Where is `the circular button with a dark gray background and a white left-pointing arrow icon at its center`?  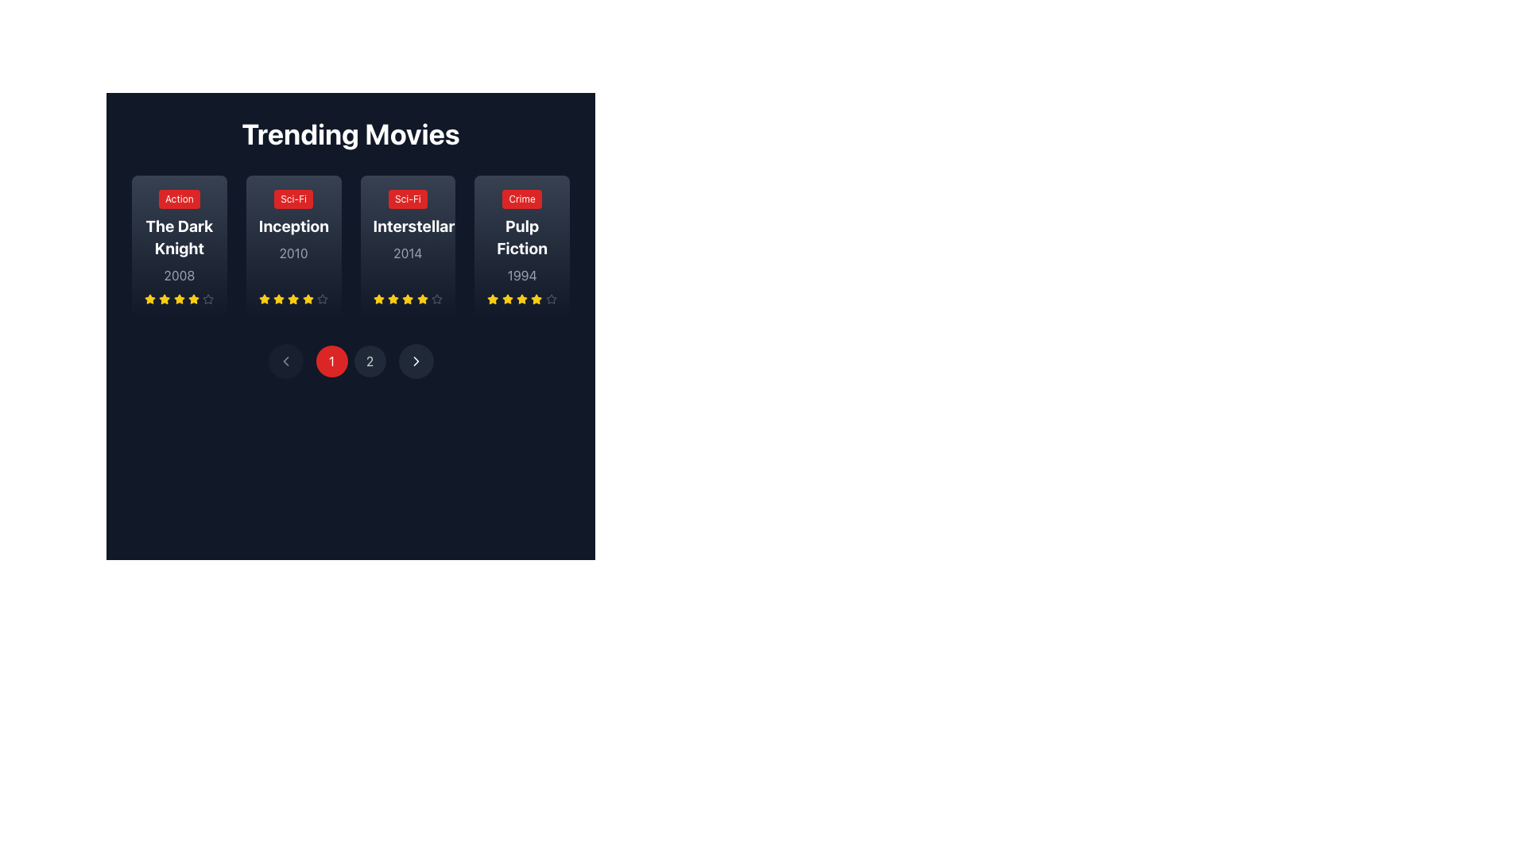
the circular button with a dark gray background and a white left-pointing arrow icon at its center is located at coordinates (285, 361).